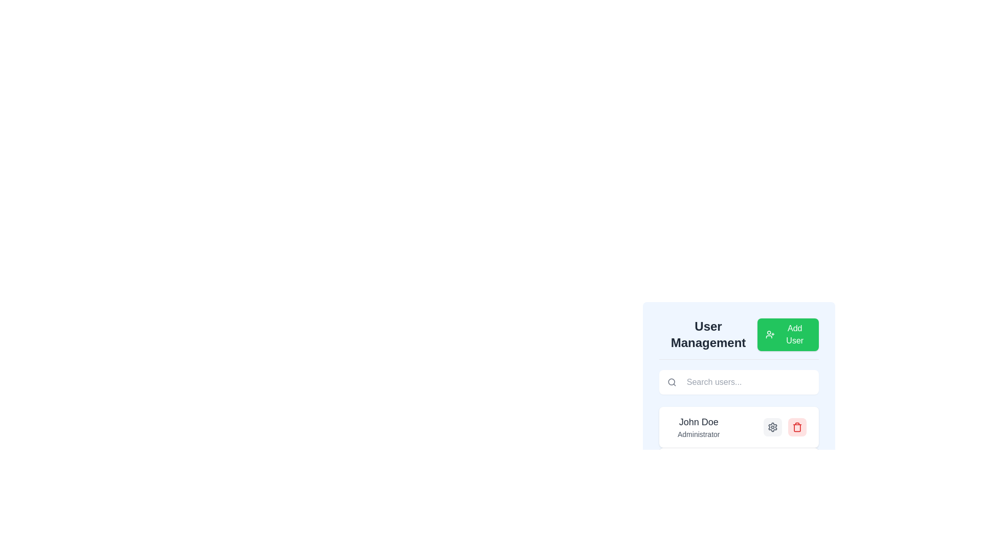  Describe the element at coordinates (794, 335) in the screenshot. I see `text label indicating the purpose of the 'Add User' button located in the top-right area of the green button` at that location.